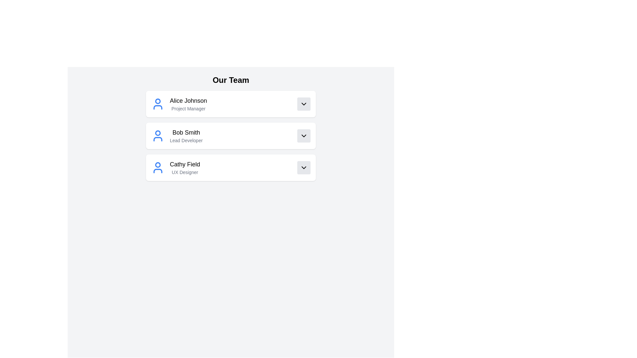 This screenshot has height=358, width=637. Describe the element at coordinates (304, 135) in the screenshot. I see `the dropdown button located to the right of the name and role text for team member 'Bob Smith', who is the 'Lead Developer'` at that location.